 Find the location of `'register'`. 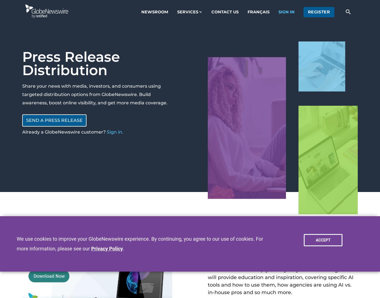

'register' is located at coordinates (319, 11).